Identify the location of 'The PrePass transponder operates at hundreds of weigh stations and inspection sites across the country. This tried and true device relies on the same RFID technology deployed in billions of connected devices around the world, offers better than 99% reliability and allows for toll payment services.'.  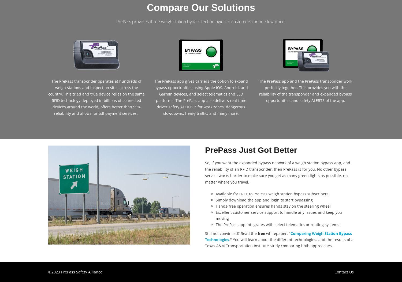
(96, 97).